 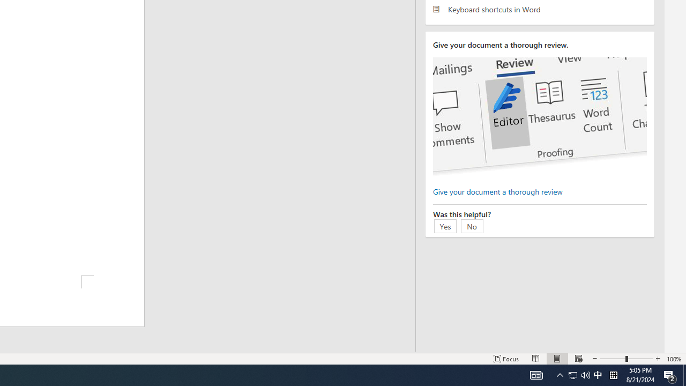 I want to click on 'Zoom 100%', so click(x=674, y=359).